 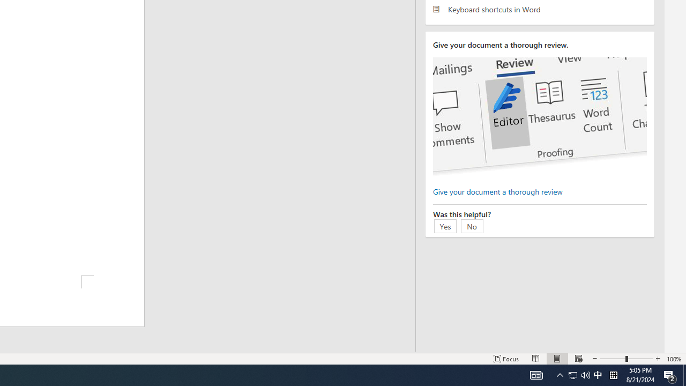 I want to click on 'Zoom 100%', so click(x=674, y=359).